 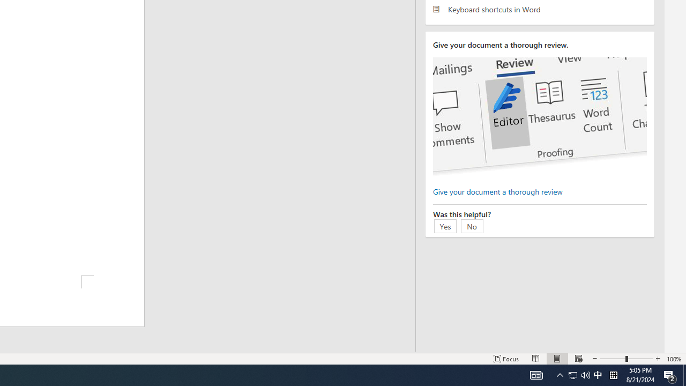 I want to click on 'Zoom 100%', so click(x=674, y=359).